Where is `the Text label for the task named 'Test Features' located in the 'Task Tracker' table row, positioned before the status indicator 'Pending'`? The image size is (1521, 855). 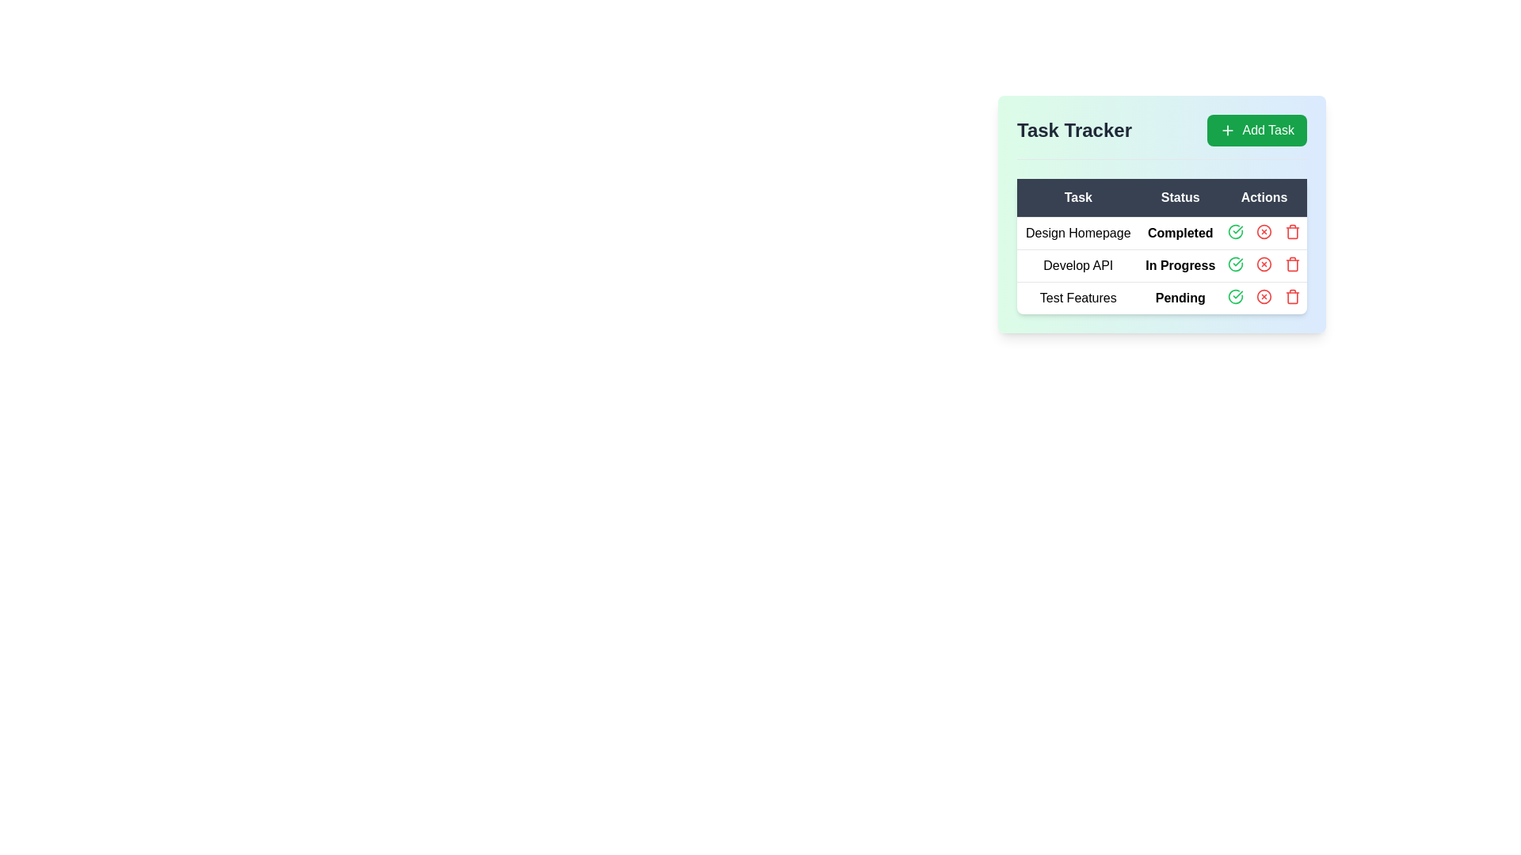 the Text label for the task named 'Test Features' located in the 'Task Tracker' table row, positioned before the status indicator 'Pending' is located at coordinates (1077, 298).